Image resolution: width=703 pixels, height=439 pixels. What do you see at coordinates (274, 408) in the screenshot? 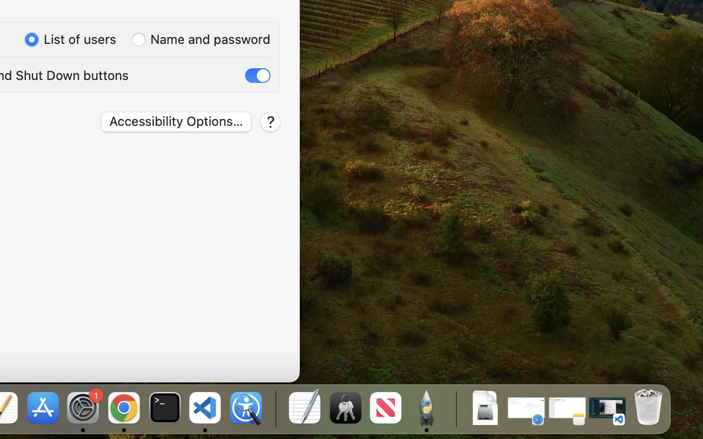
I see `'0.4285714328289032'` at bounding box center [274, 408].